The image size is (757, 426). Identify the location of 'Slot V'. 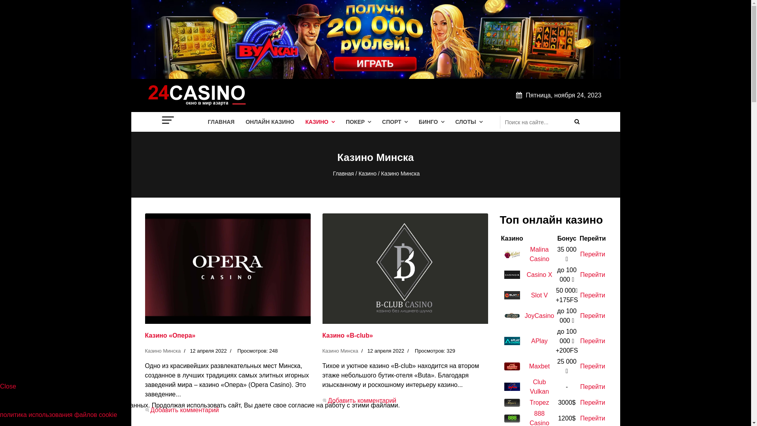
(539, 295).